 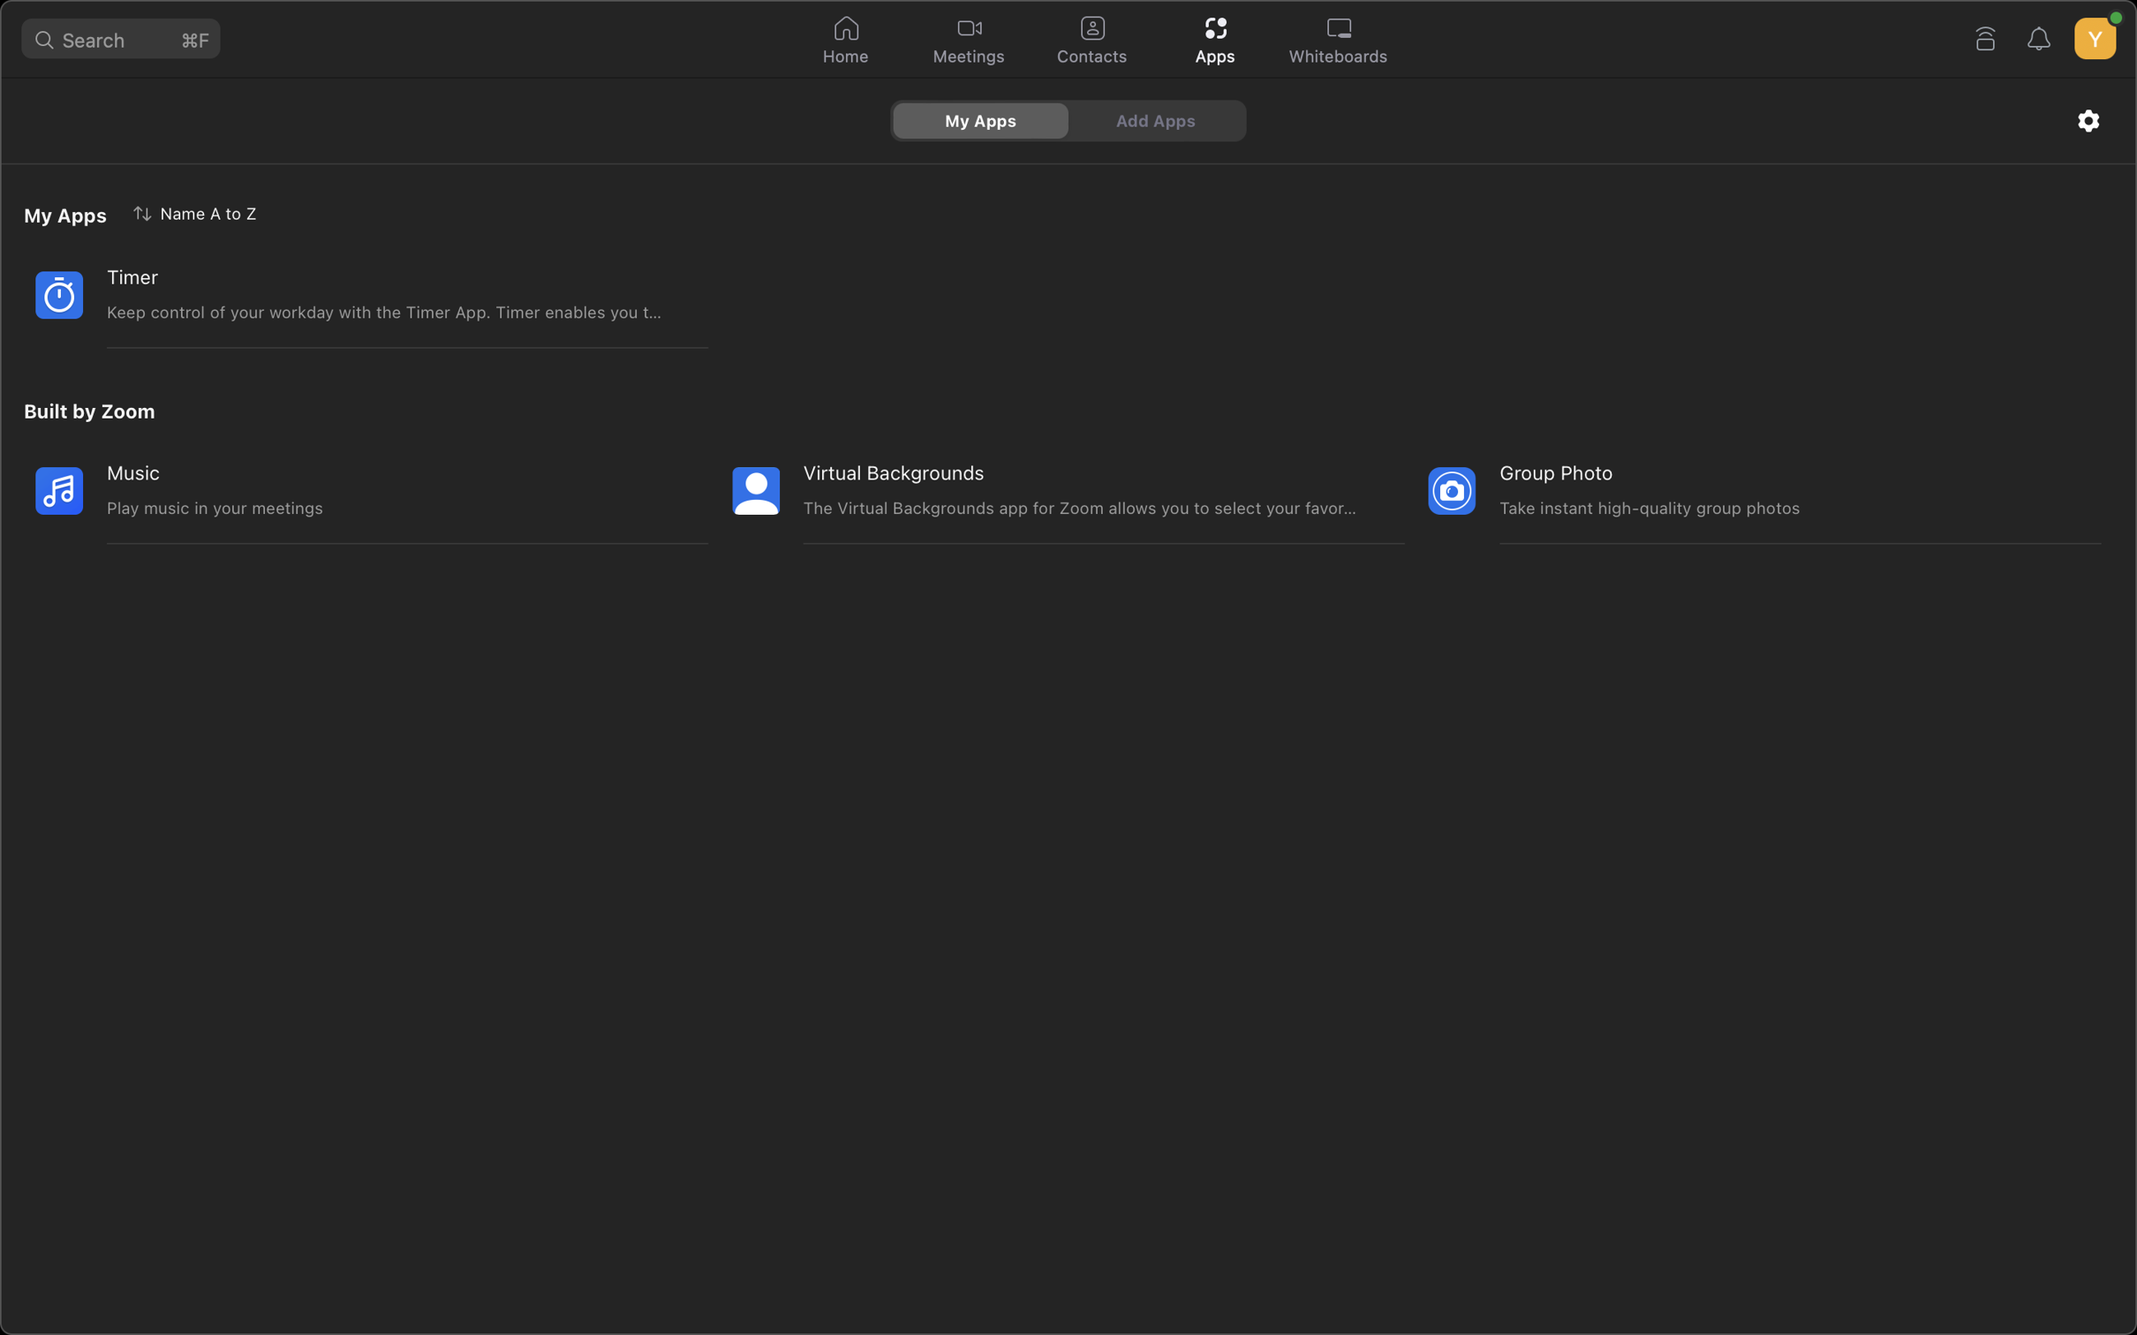 I want to click on Reverse order the application, so click(x=198, y=211).